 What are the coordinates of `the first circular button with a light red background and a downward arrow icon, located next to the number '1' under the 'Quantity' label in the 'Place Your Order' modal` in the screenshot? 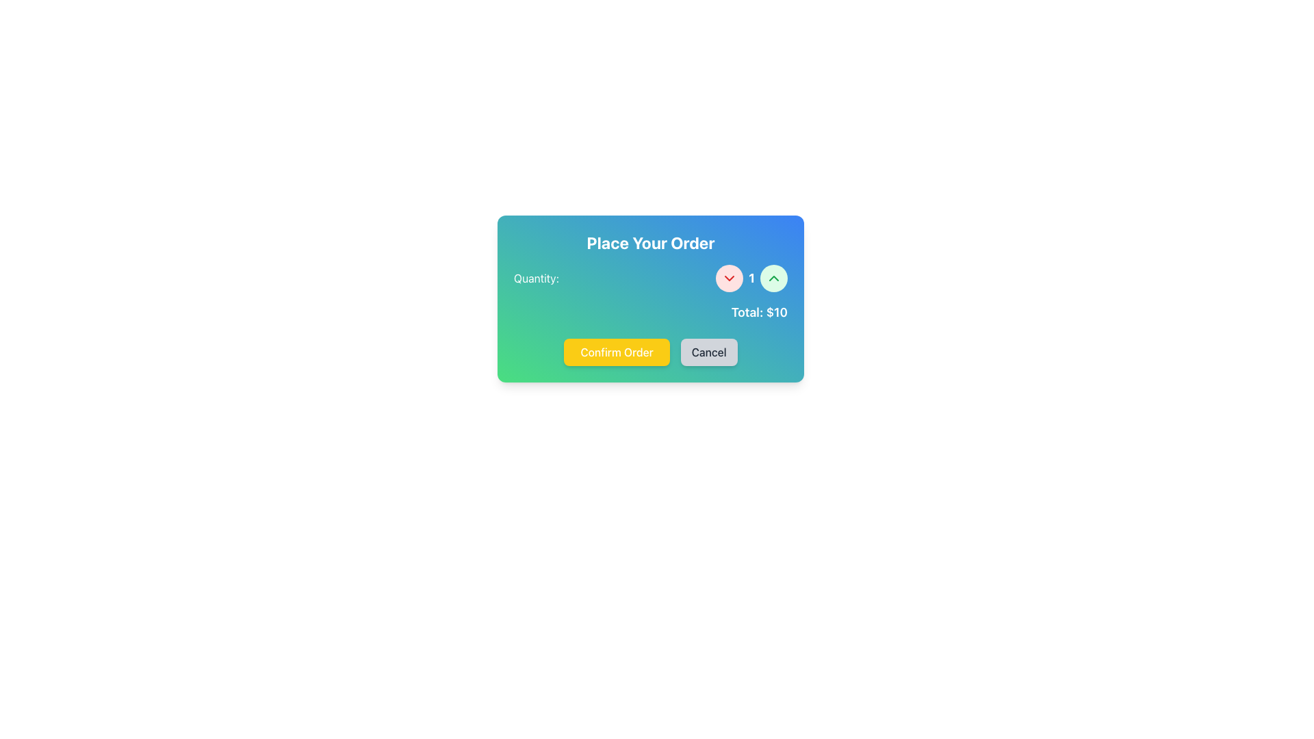 It's located at (729, 278).